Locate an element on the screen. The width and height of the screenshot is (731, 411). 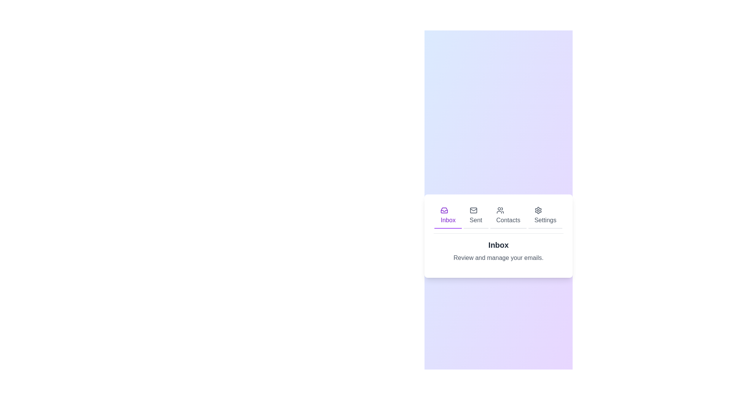
the tab labeled 'Inbox' to view its content is located at coordinates (448, 216).